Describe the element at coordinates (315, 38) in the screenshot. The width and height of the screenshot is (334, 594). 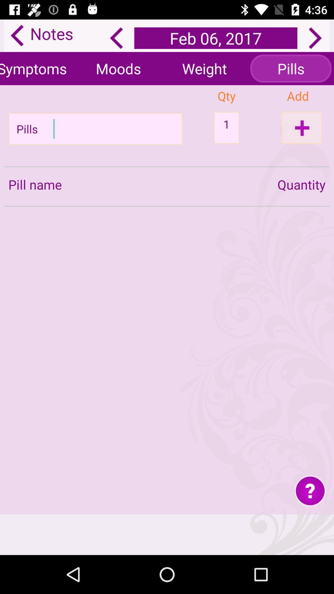
I see `the arrow_forward icon` at that location.